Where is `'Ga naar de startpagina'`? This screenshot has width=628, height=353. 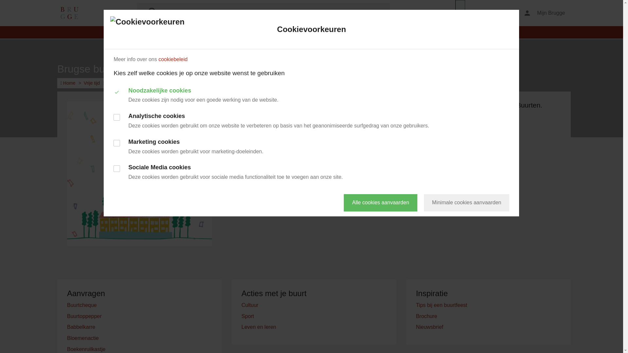
'Ga naar de startpagina' is located at coordinates (69, 13).